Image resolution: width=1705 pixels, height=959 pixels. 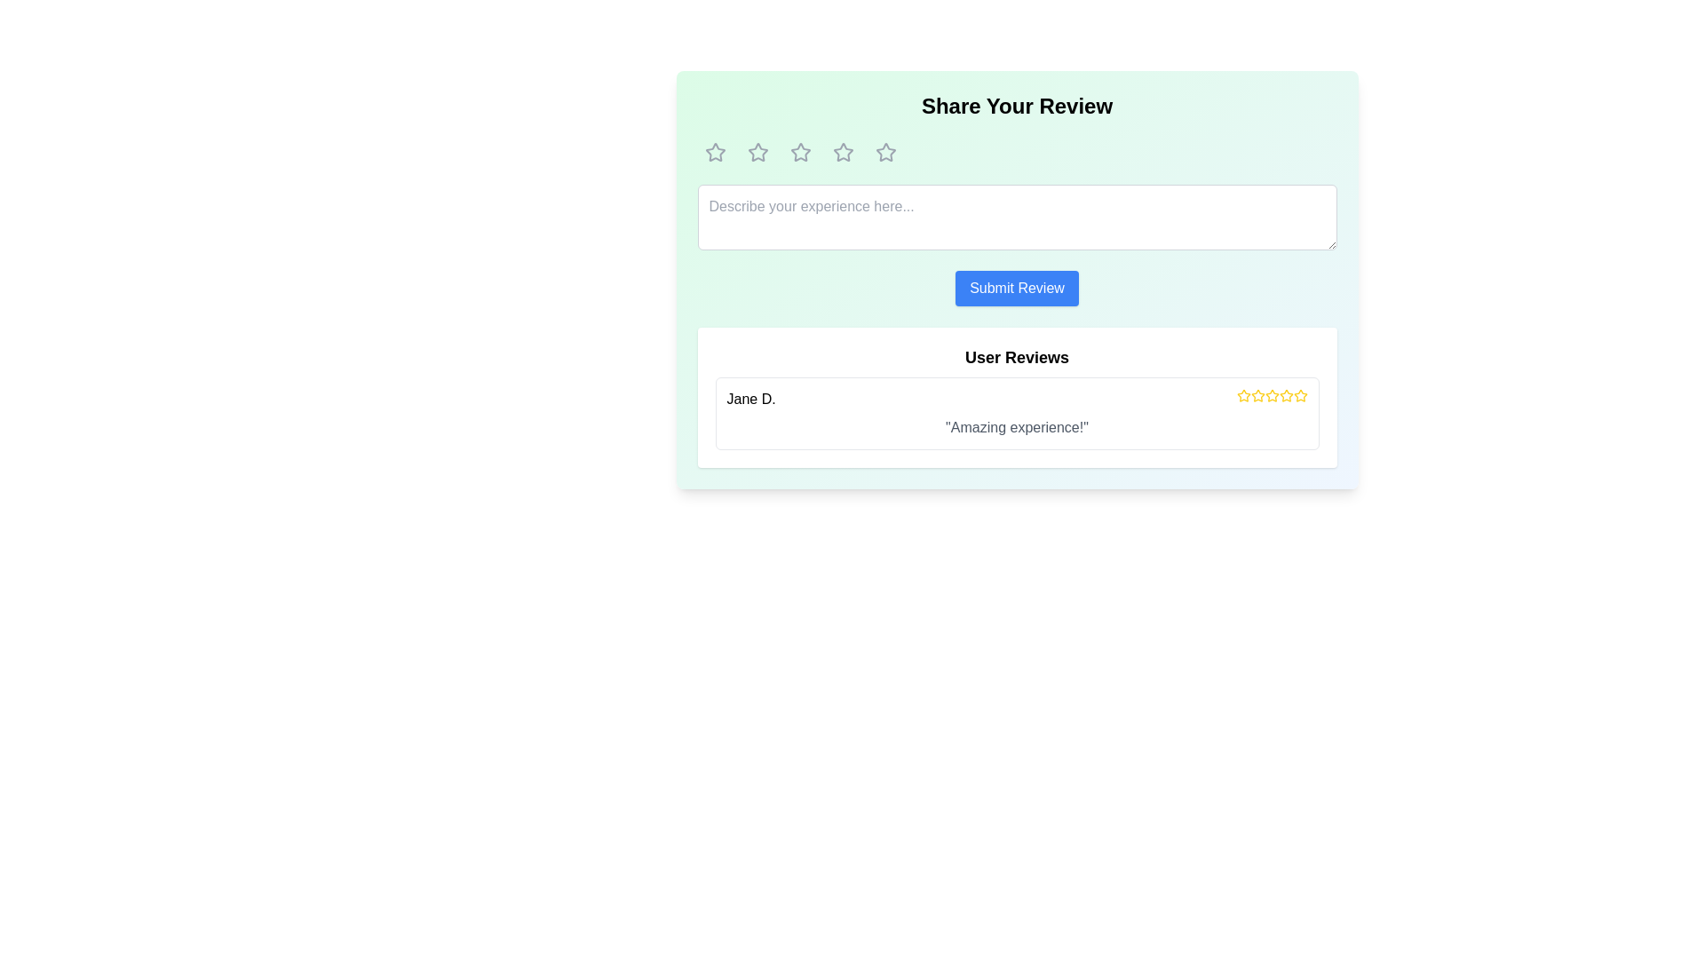 What do you see at coordinates (1257, 394) in the screenshot?
I see `the second yellow star icon with a central red marking to rate it in the 'User Reviews' section` at bounding box center [1257, 394].